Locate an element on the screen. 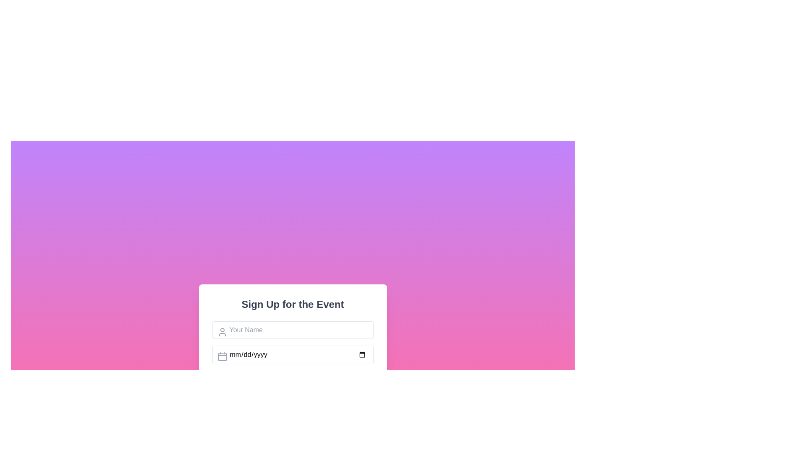 The height and width of the screenshot is (453, 806). the text label at the top center of the white, rounded rectangle box that serves as a header for the form is located at coordinates (293, 304).